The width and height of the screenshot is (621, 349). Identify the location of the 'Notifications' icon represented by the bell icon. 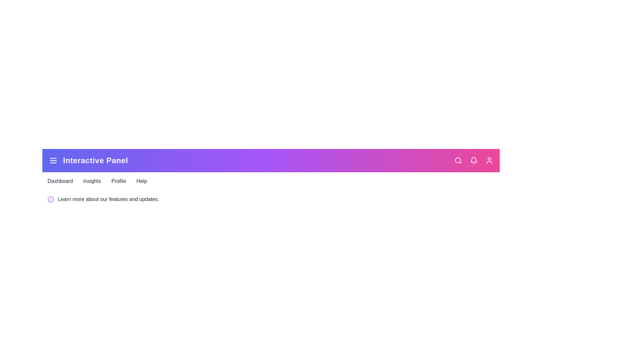
(474, 160).